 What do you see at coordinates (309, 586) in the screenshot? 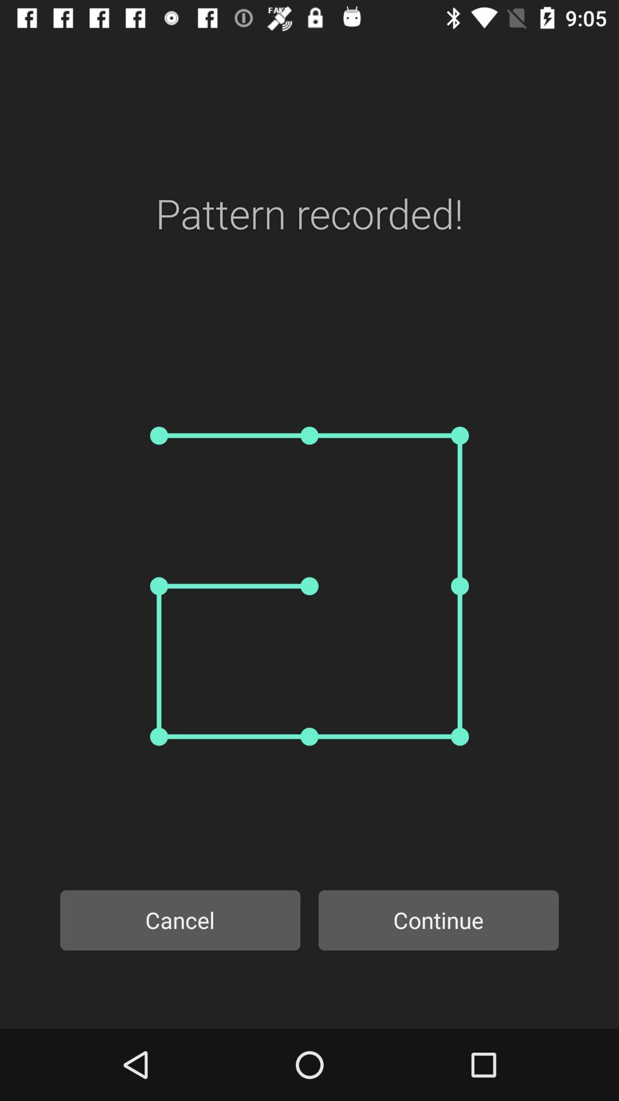
I see `the item at the center` at bounding box center [309, 586].